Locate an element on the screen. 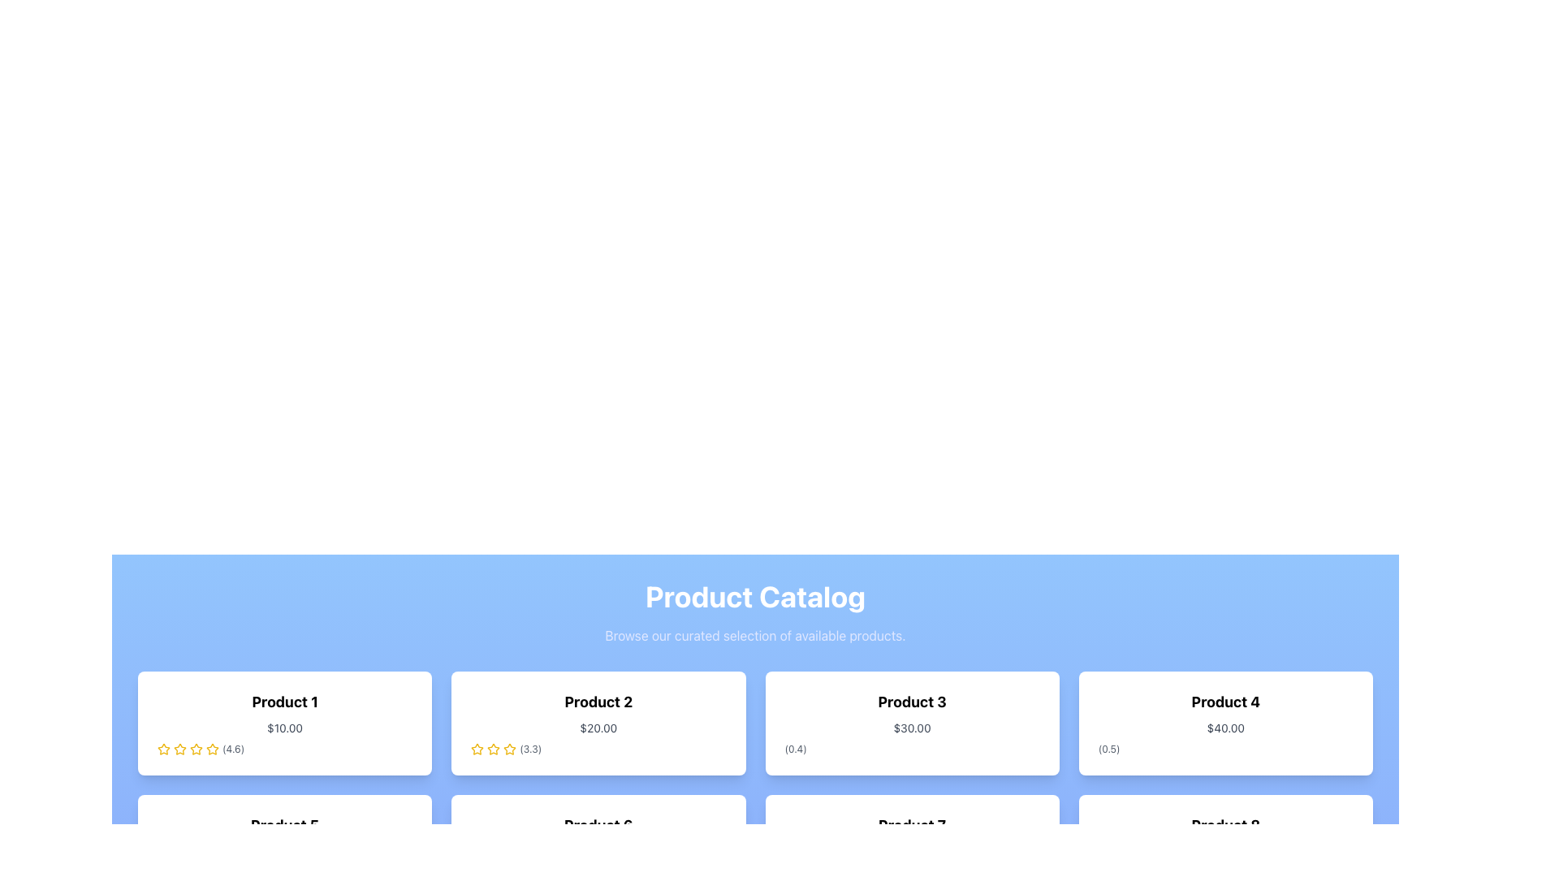 The height and width of the screenshot is (877, 1559). the Text Label that reads 'Browse our curated selection of available products.' which is displayed in light indigo color on a solid blue background, located beneath the 'Product Catalog' header is located at coordinates (754, 635).